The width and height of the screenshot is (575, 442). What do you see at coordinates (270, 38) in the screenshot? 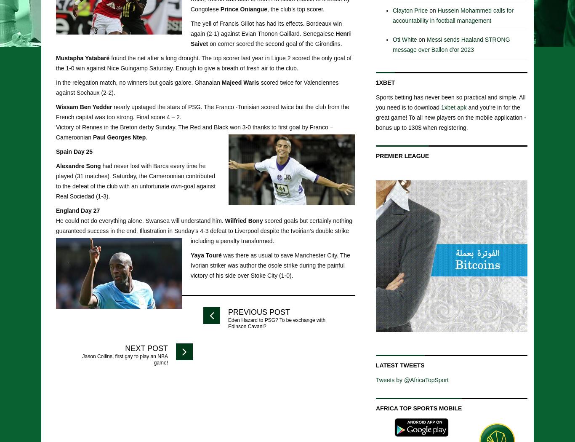
I see `'Henri Saivet'` at bounding box center [270, 38].